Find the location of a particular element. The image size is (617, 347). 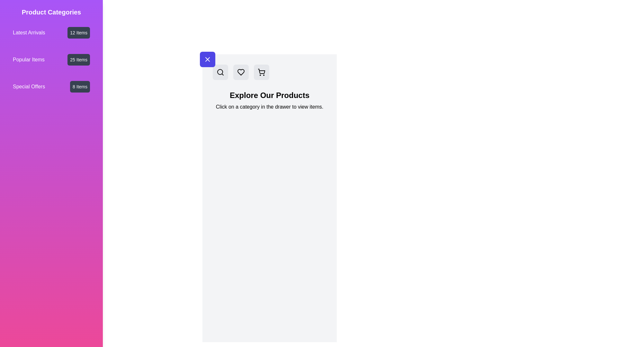

the category item Latest Arrivals is located at coordinates (51, 32).